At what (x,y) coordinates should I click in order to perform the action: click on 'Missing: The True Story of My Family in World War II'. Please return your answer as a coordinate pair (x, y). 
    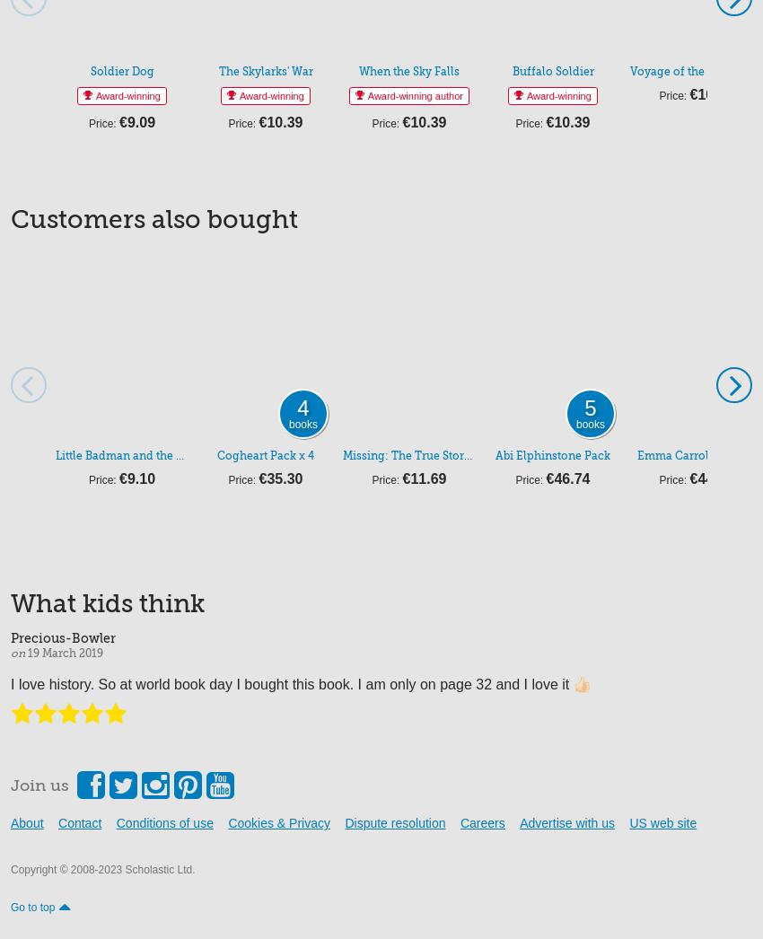
    Looking at the image, I should click on (484, 454).